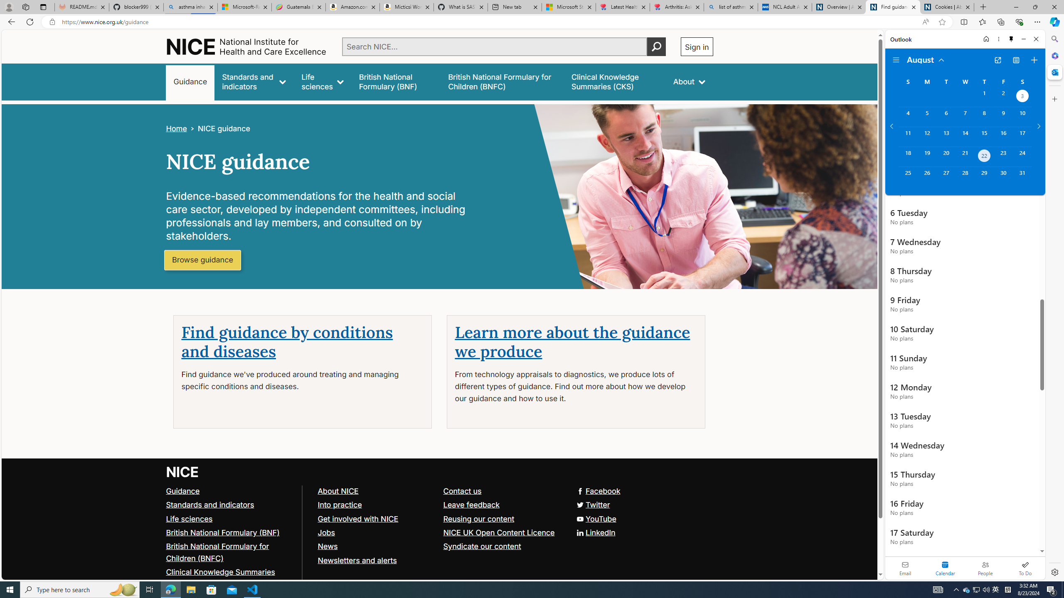 The width and height of the screenshot is (1064, 598). Describe the element at coordinates (462, 490) in the screenshot. I see `'Contact us'` at that location.